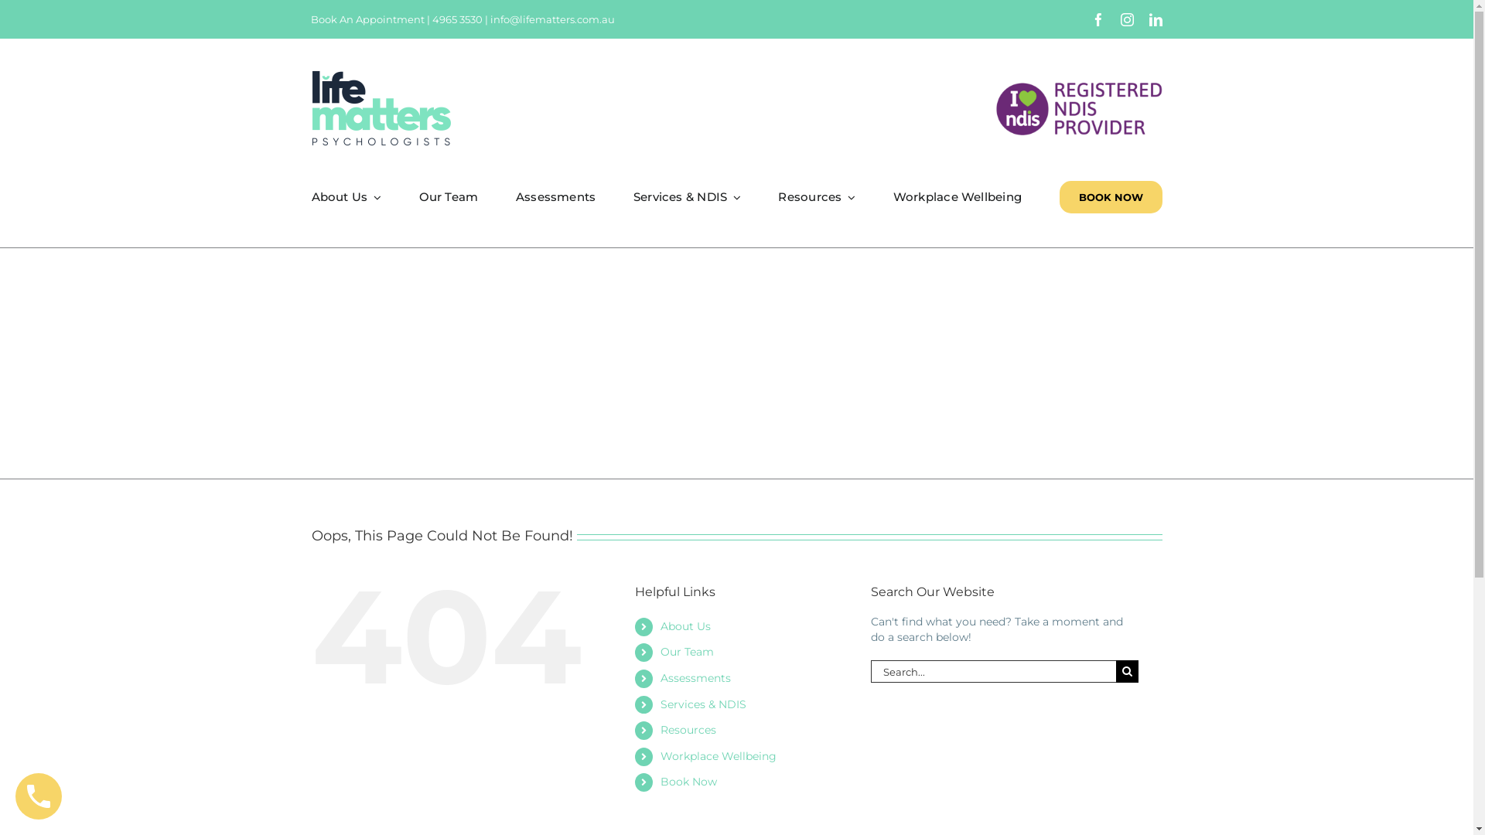  Describe the element at coordinates (688, 781) in the screenshot. I see `'Book Now'` at that location.